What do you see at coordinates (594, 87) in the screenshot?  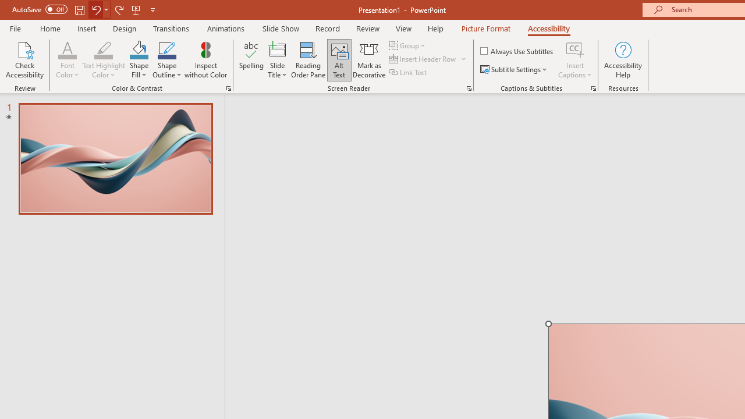 I see `'Captions & Subtitles'` at bounding box center [594, 87].